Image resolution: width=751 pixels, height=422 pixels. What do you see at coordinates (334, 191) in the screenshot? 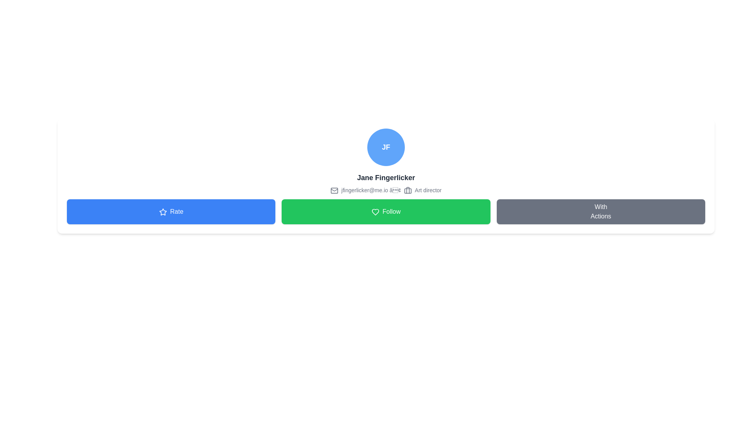
I see `the email icon located slightly to the left of the email address 'jfingerlicker@me.io' in the user profile section` at bounding box center [334, 191].